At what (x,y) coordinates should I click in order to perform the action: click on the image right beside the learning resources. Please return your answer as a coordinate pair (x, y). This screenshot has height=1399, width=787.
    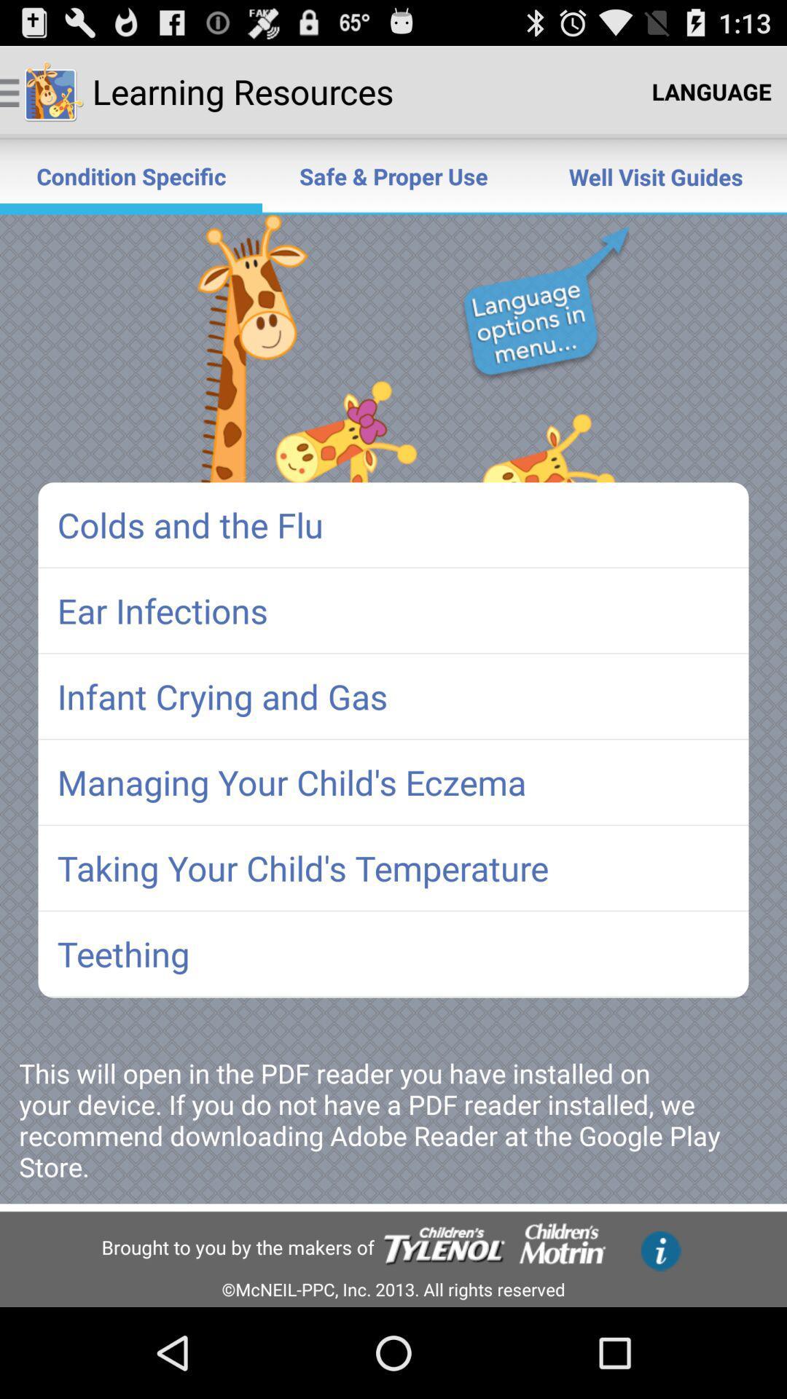
    Looking at the image, I should click on (52, 90).